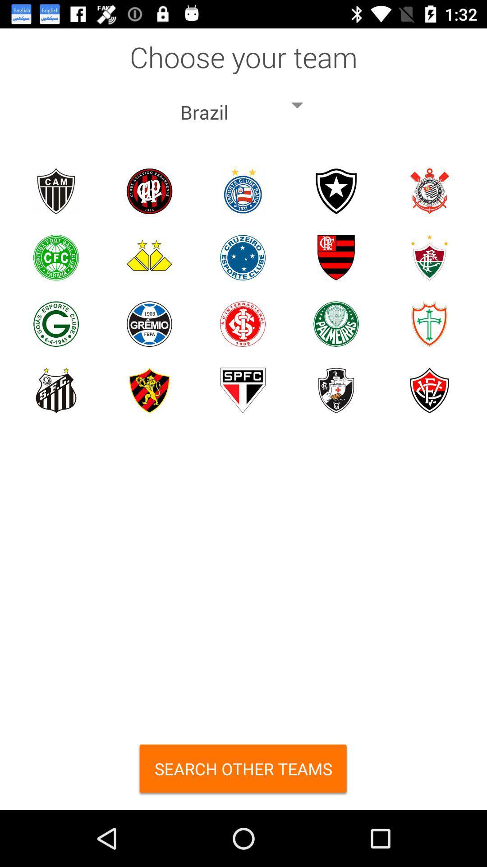 The width and height of the screenshot is (487, 867). I want to click on choose the team, so click(149, 191).